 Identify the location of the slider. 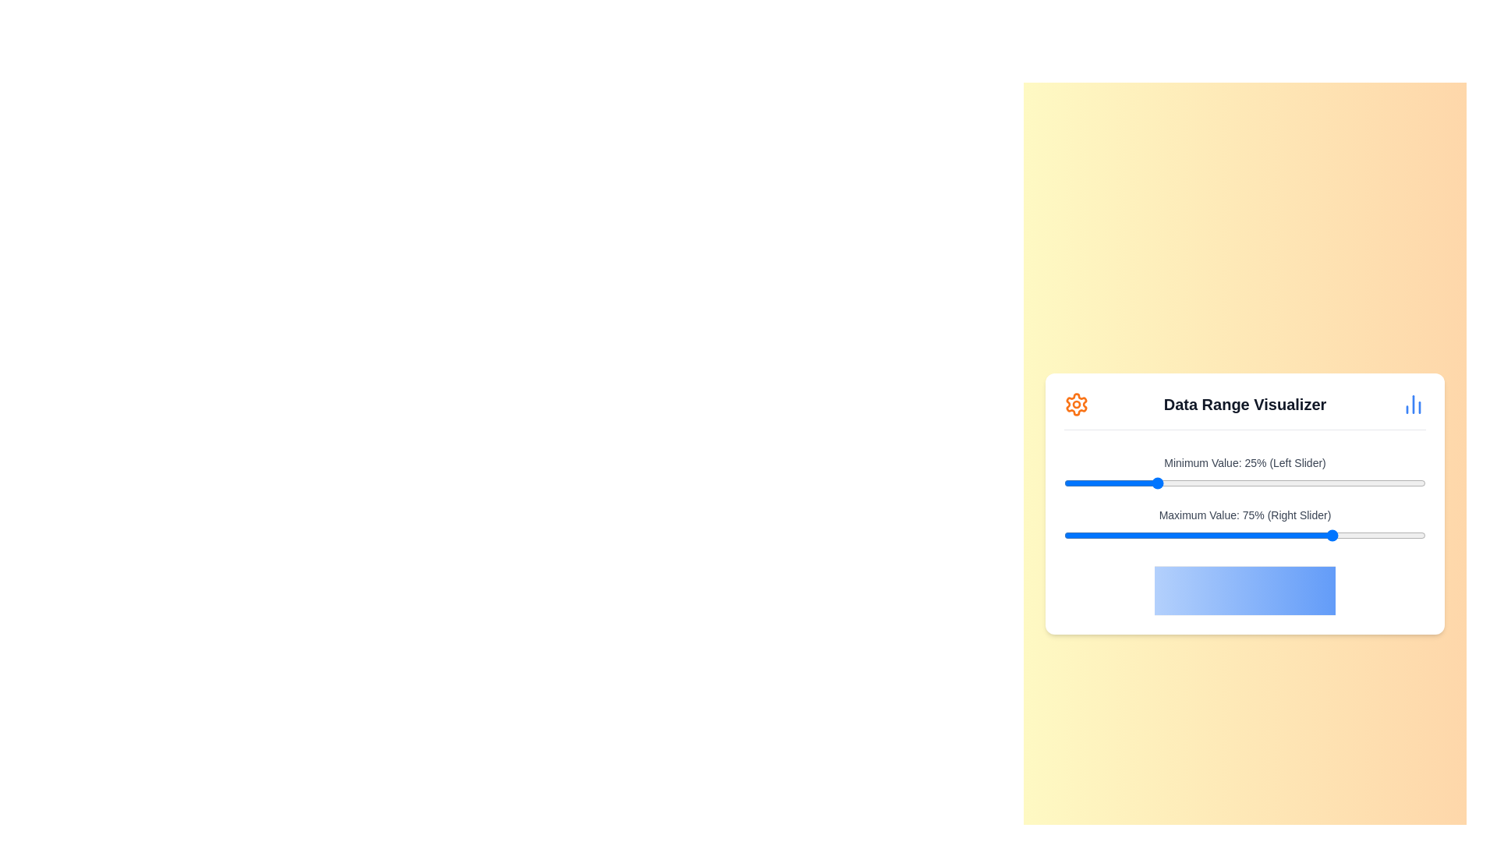
(1233, 534).